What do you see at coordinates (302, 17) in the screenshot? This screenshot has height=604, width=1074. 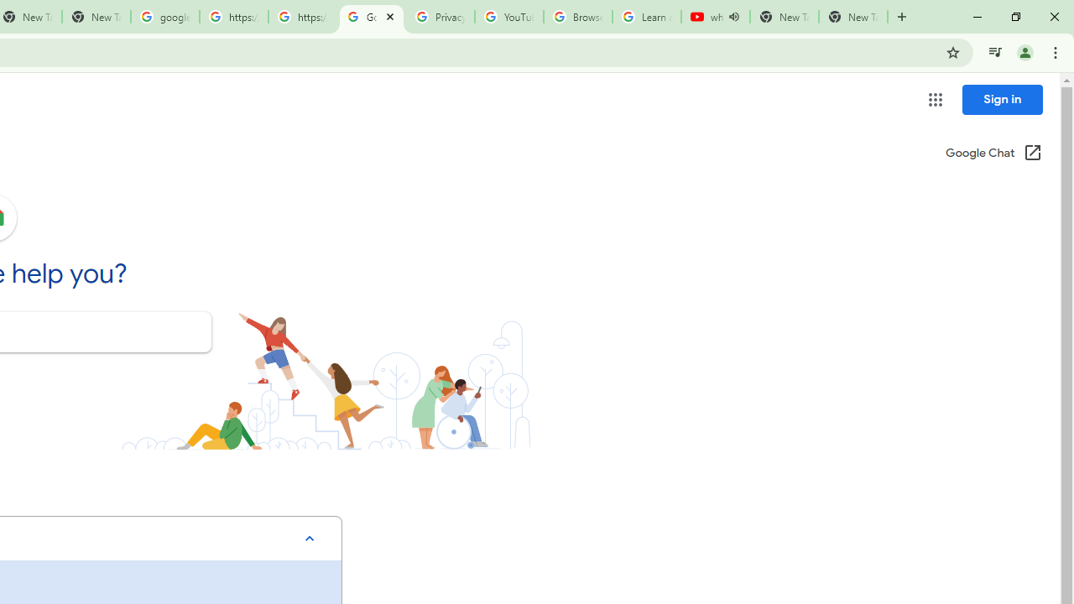 I see `'https://scholar.google.com/'` at bounding box center [302, 17].